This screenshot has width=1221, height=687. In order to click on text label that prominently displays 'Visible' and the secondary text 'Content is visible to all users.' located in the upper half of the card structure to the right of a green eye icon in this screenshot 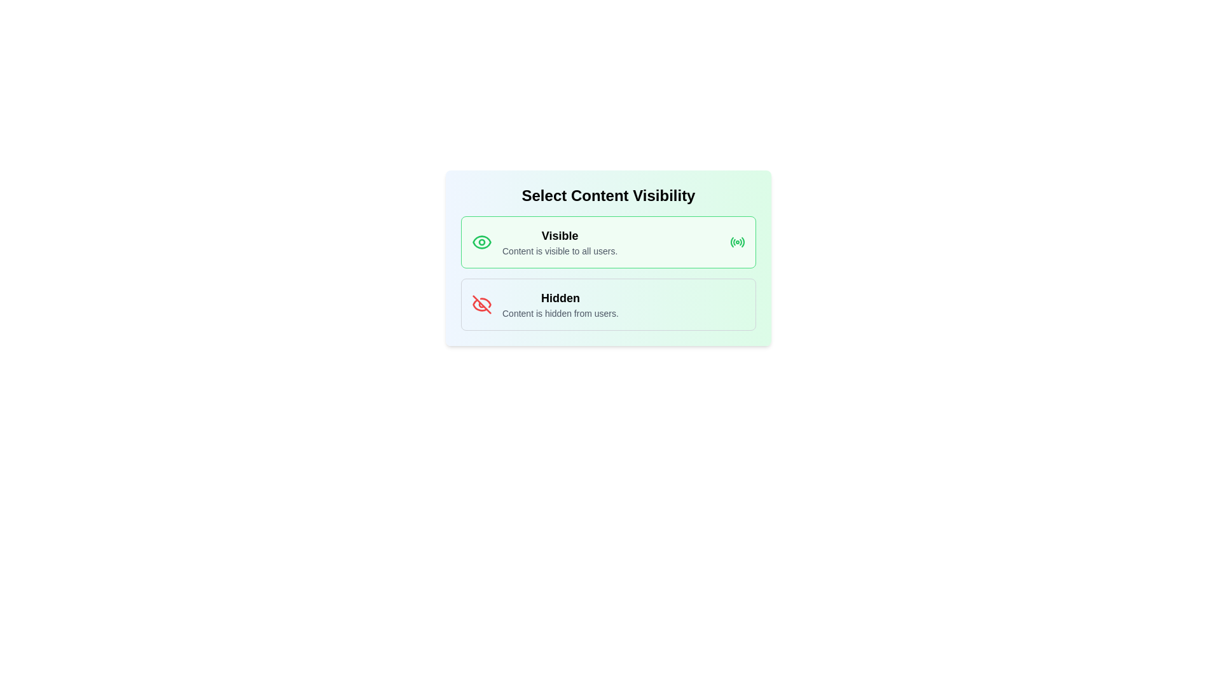, I will do `click(560, 242)`.